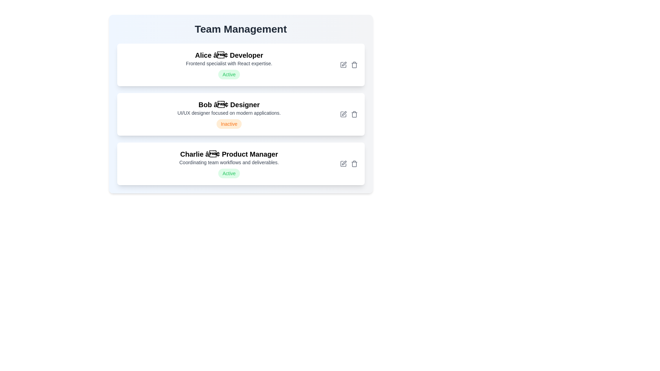  I want to click on the team member card to view their details. The parameter Bob specifies the team member to interact with, so click(241, 114).